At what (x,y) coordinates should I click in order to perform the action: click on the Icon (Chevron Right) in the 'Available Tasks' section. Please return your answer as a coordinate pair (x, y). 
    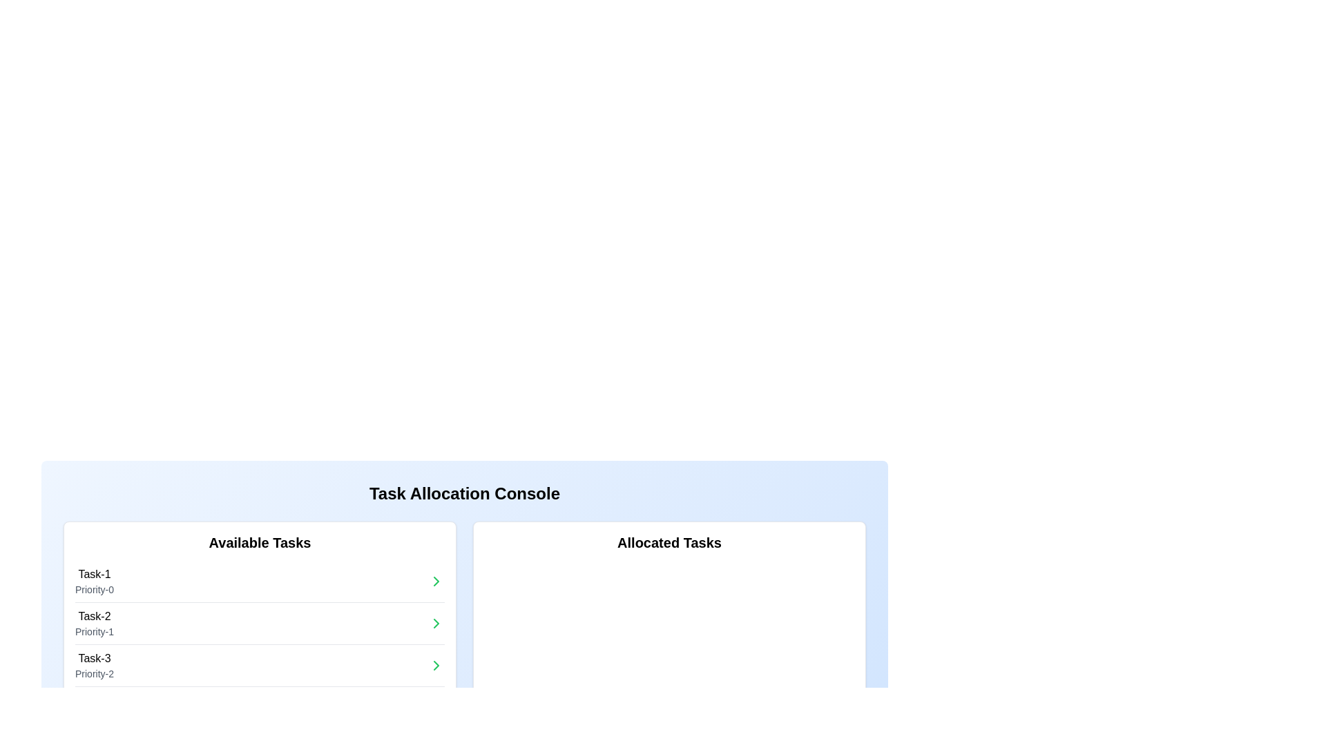
    Looking at the image, I should click on (436, 664).